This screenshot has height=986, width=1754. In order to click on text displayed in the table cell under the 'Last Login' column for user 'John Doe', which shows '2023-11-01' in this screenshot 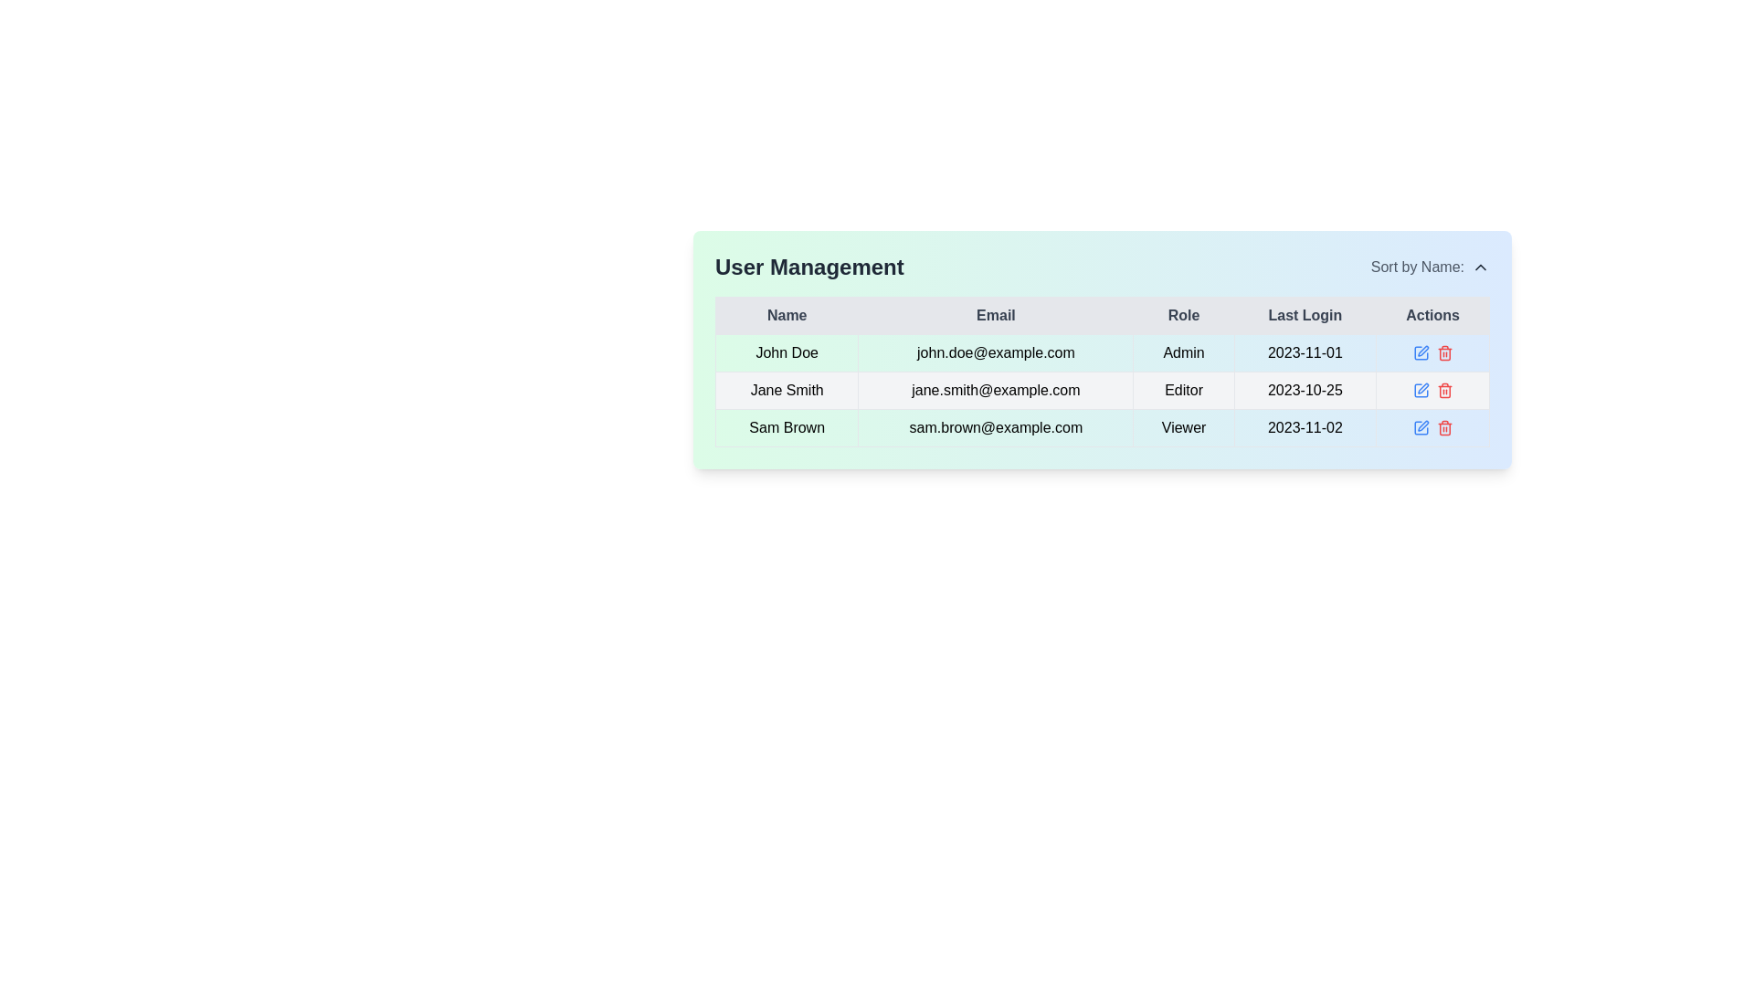, I will do `click(1304, 352)`.